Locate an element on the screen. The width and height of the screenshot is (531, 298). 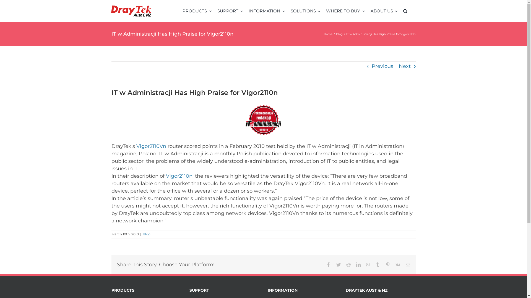
'Next' is located at coordinates (405, 66).